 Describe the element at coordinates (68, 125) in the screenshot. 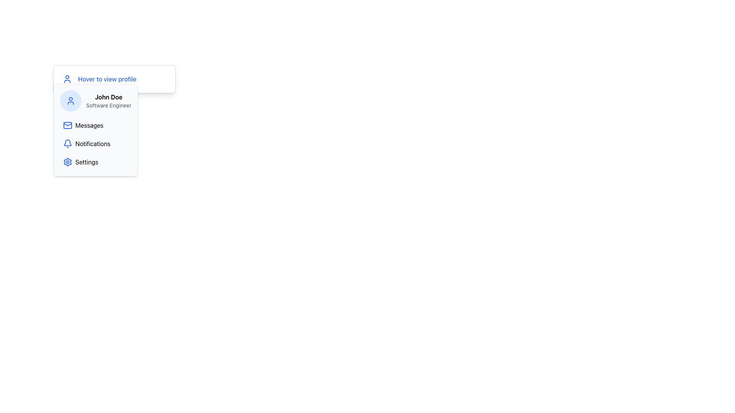

I see `the SVG rectangular graphic that is part of the mail envelope icon, located to the left of the 'Messages' text in the vertical menu list` at that location.